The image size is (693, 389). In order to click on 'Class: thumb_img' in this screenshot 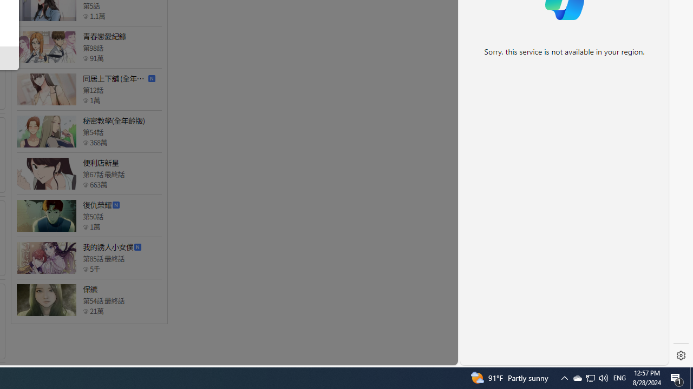, I will do `click(45, 300)`.